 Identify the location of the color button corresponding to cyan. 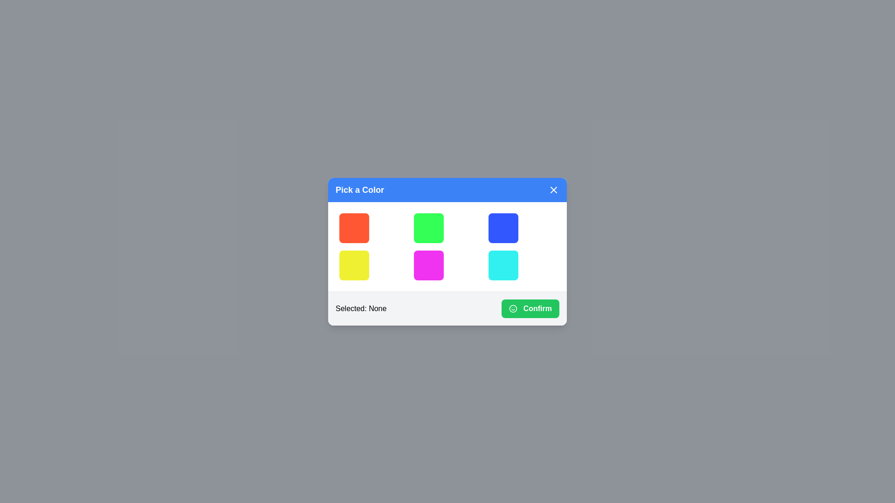
(503, 265).